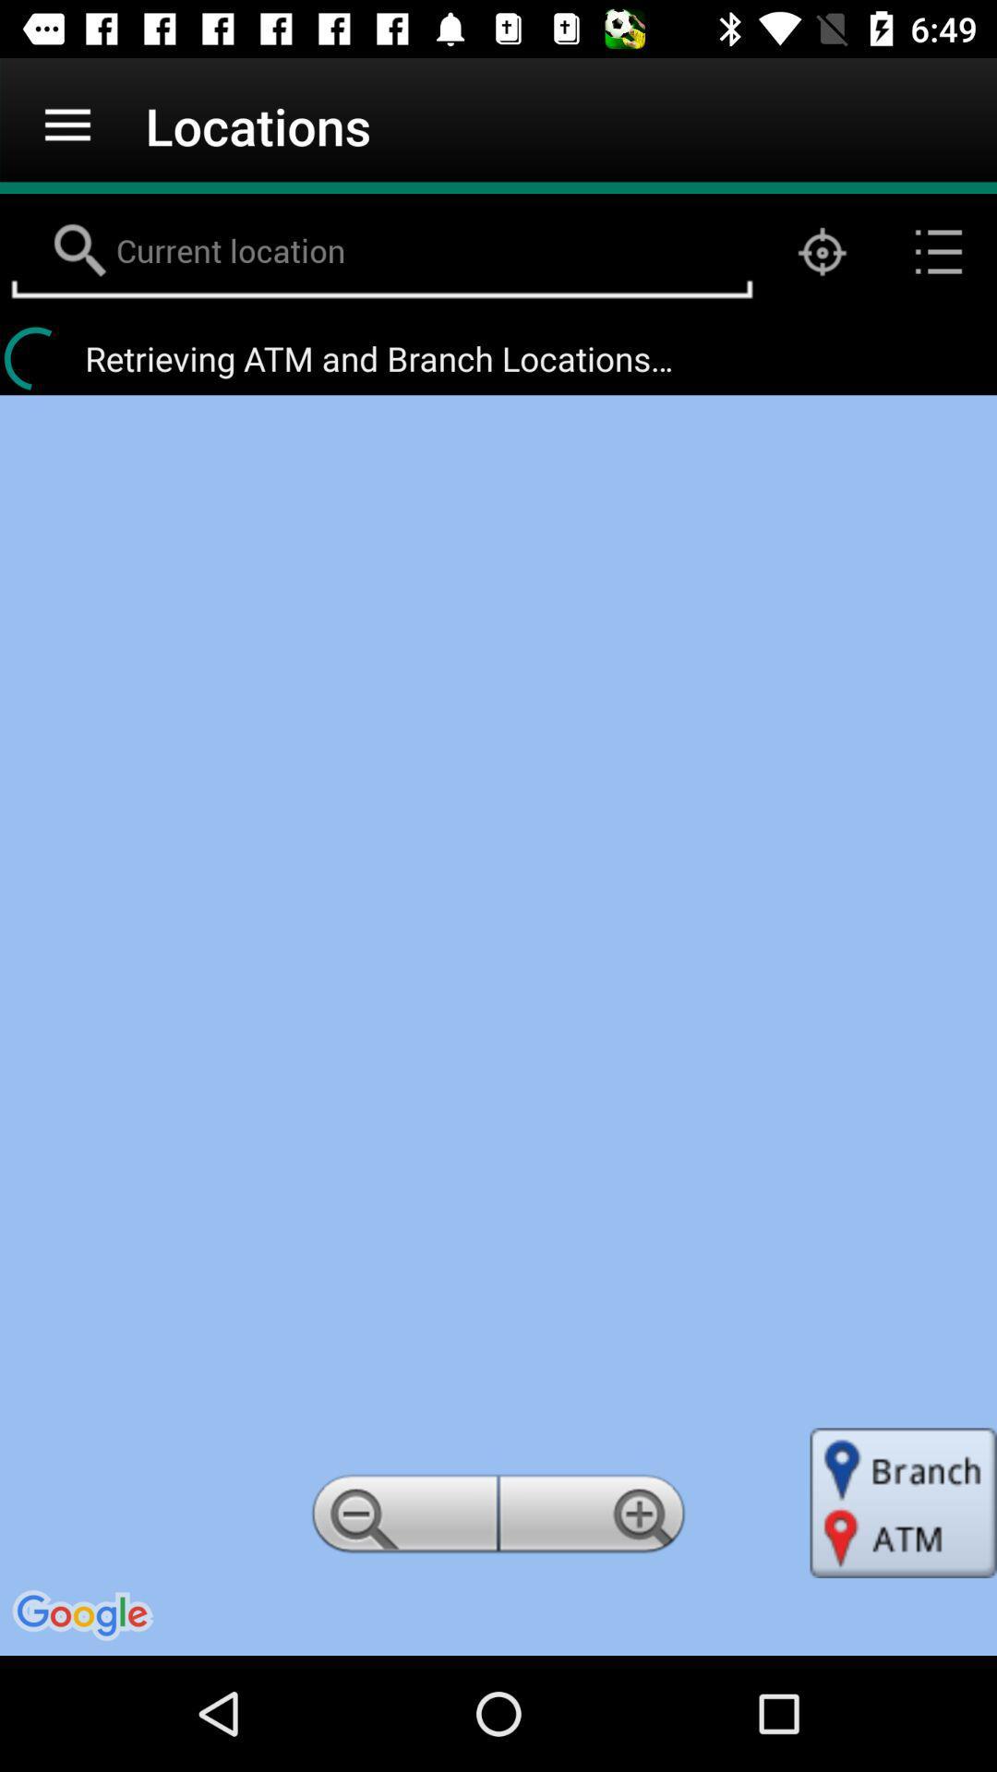 The height and width of the screenshot is (1772, 997). I want to click on zoom out, so click(401, 1519).